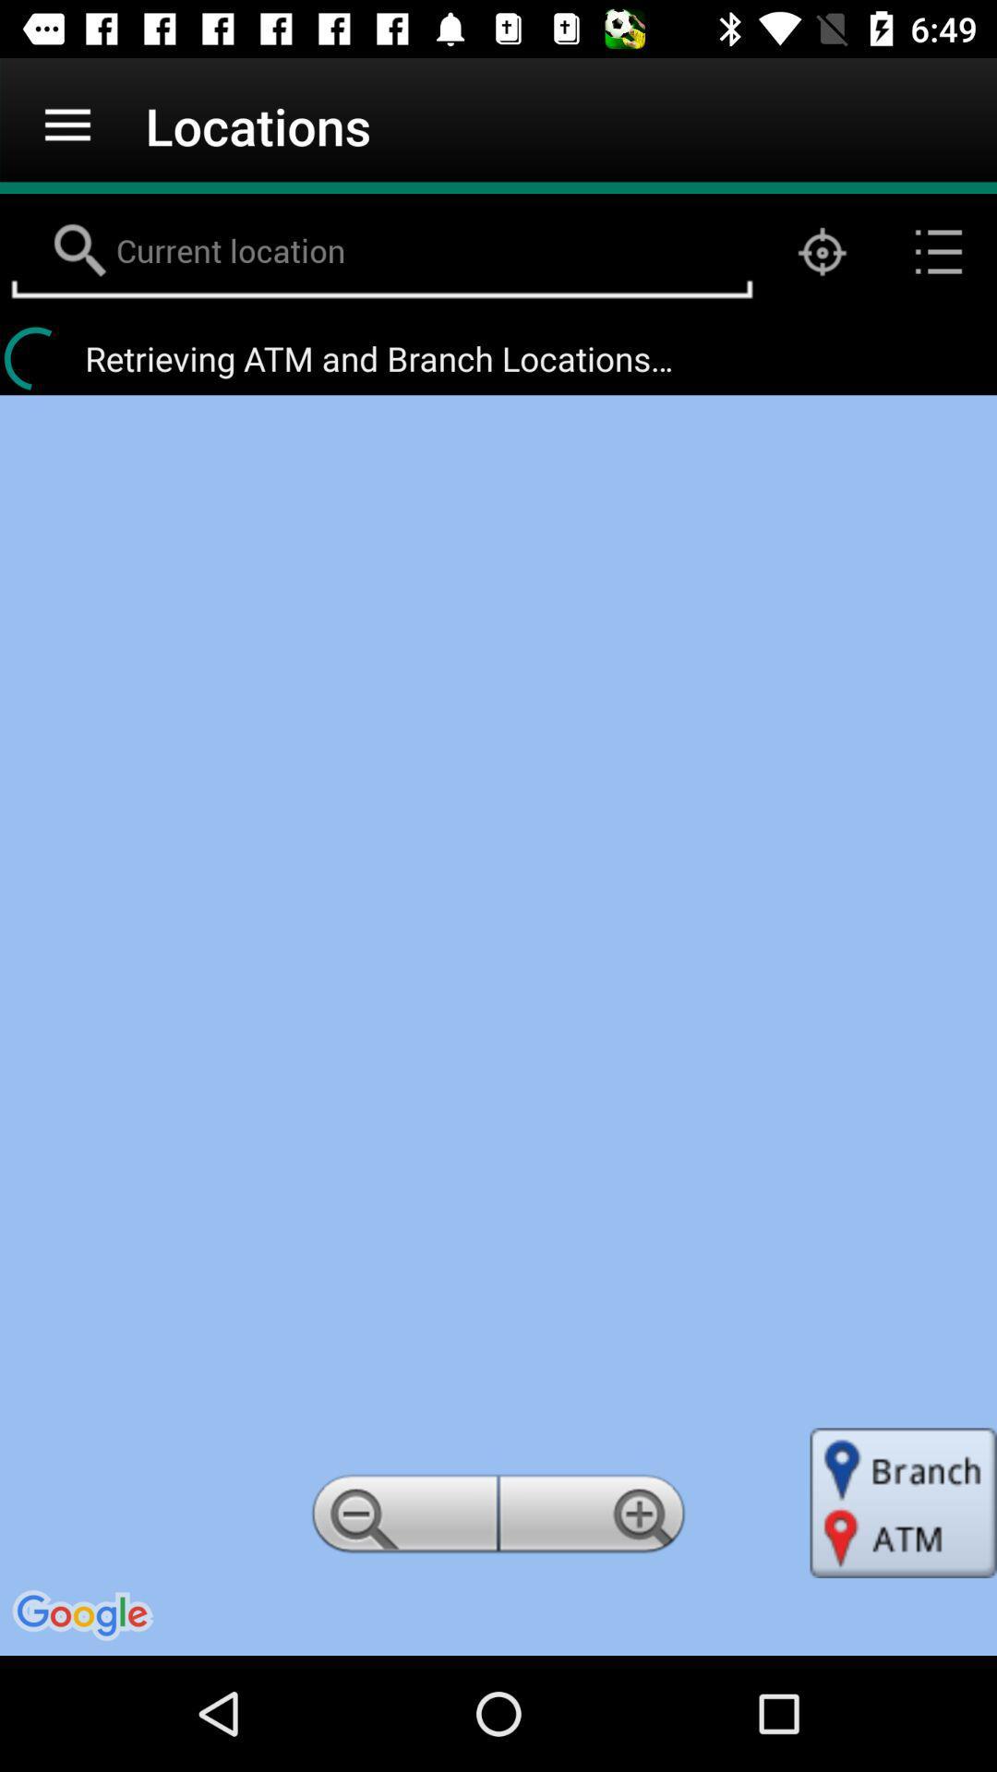 The height and width of the screenshot is (1772, 997). I want to click on zoom out, so click(401, 1519).